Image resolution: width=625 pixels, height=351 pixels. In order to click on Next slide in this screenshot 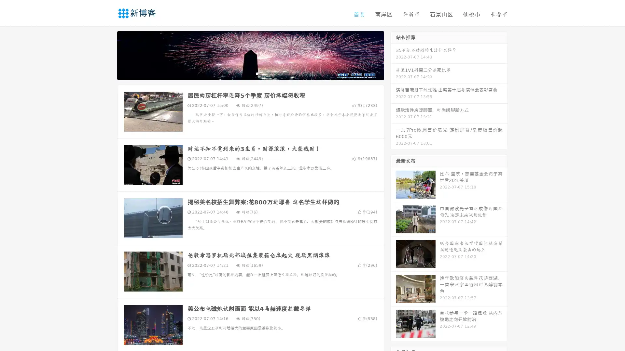, I will do `click(393, 55)`.